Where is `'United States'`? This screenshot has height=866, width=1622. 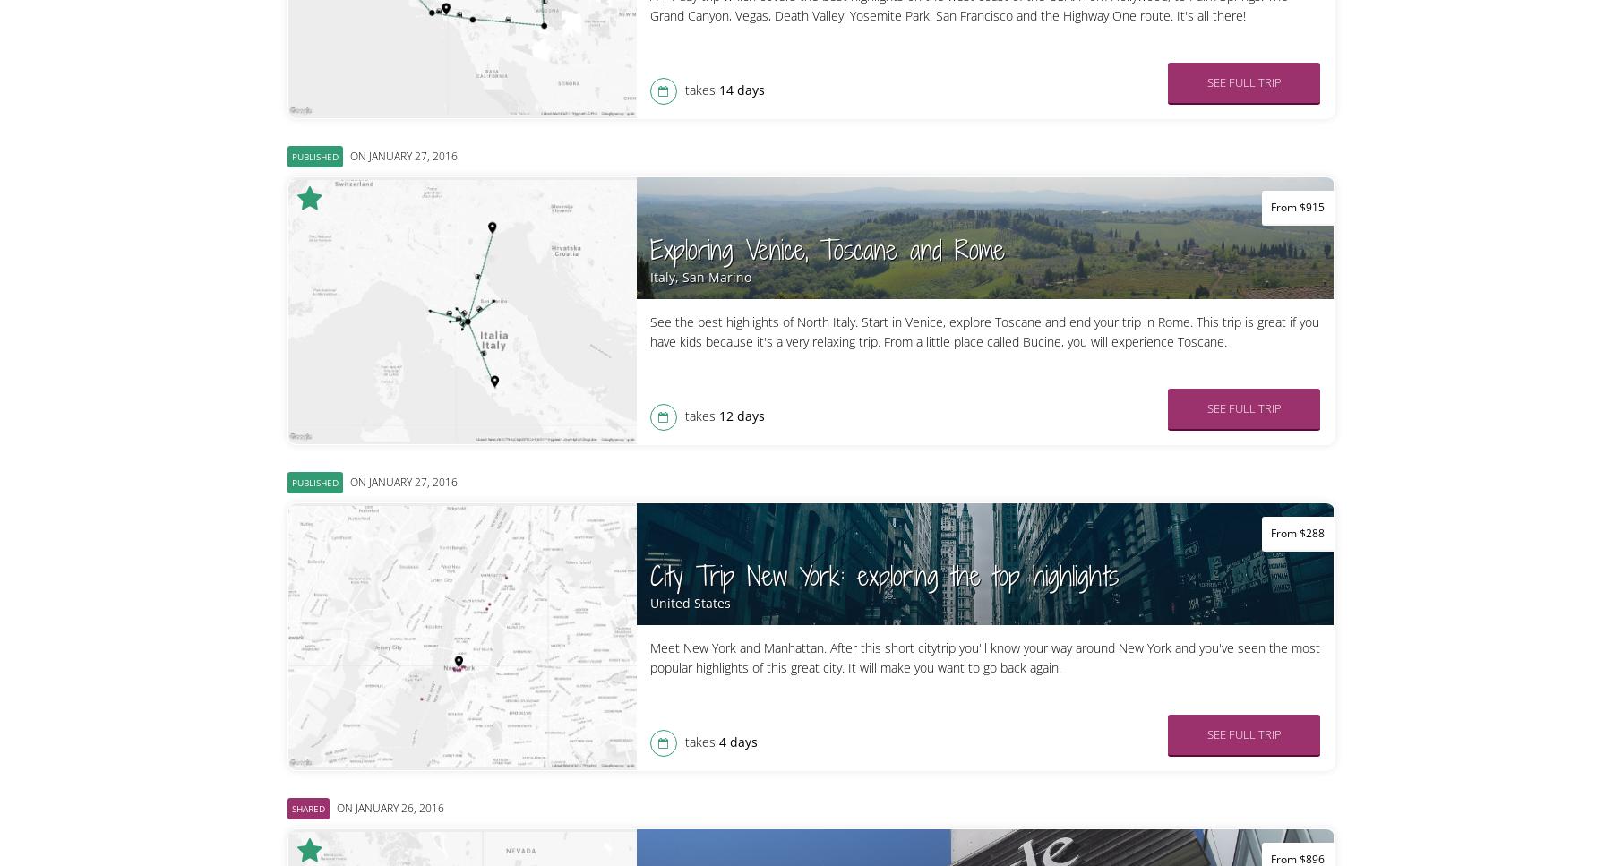
'United States' is located at coordinates (689, 603).